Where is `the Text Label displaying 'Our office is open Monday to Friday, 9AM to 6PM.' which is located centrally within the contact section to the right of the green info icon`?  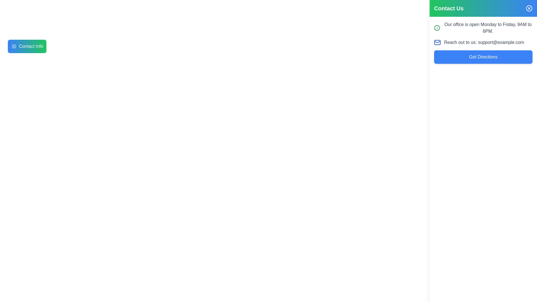
the Text Label displaying 'Our office is open Monday to Friday, 9AM to 6PM.' which is located centrally within the contact section to the right of the green info icon is located at coordinates (487, 28).